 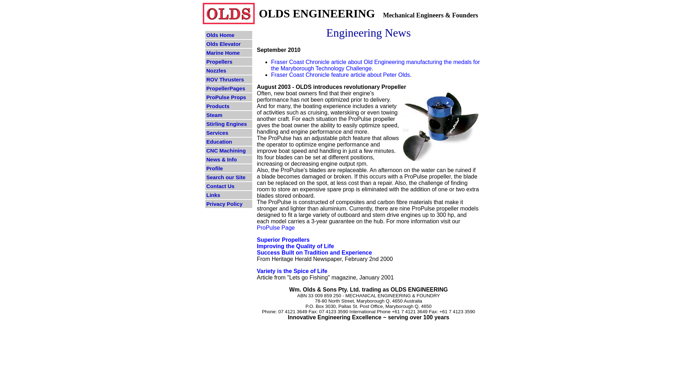 What do you see at coordinates (314, 252) in the screenshot?
I see `'Success Built on Tradition and Experience'` at bounding box center [314, 252].